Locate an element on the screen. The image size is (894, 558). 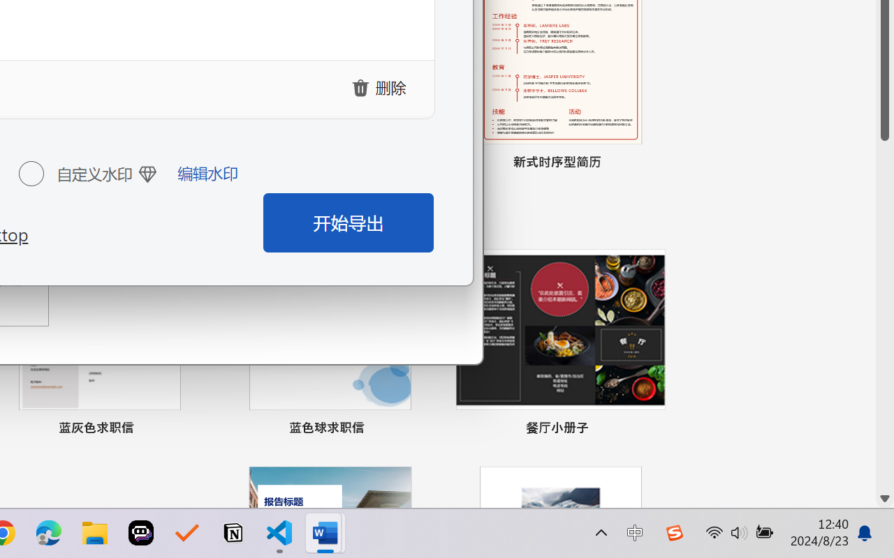
'clearAllFile' is located at coordinates (381, 86).